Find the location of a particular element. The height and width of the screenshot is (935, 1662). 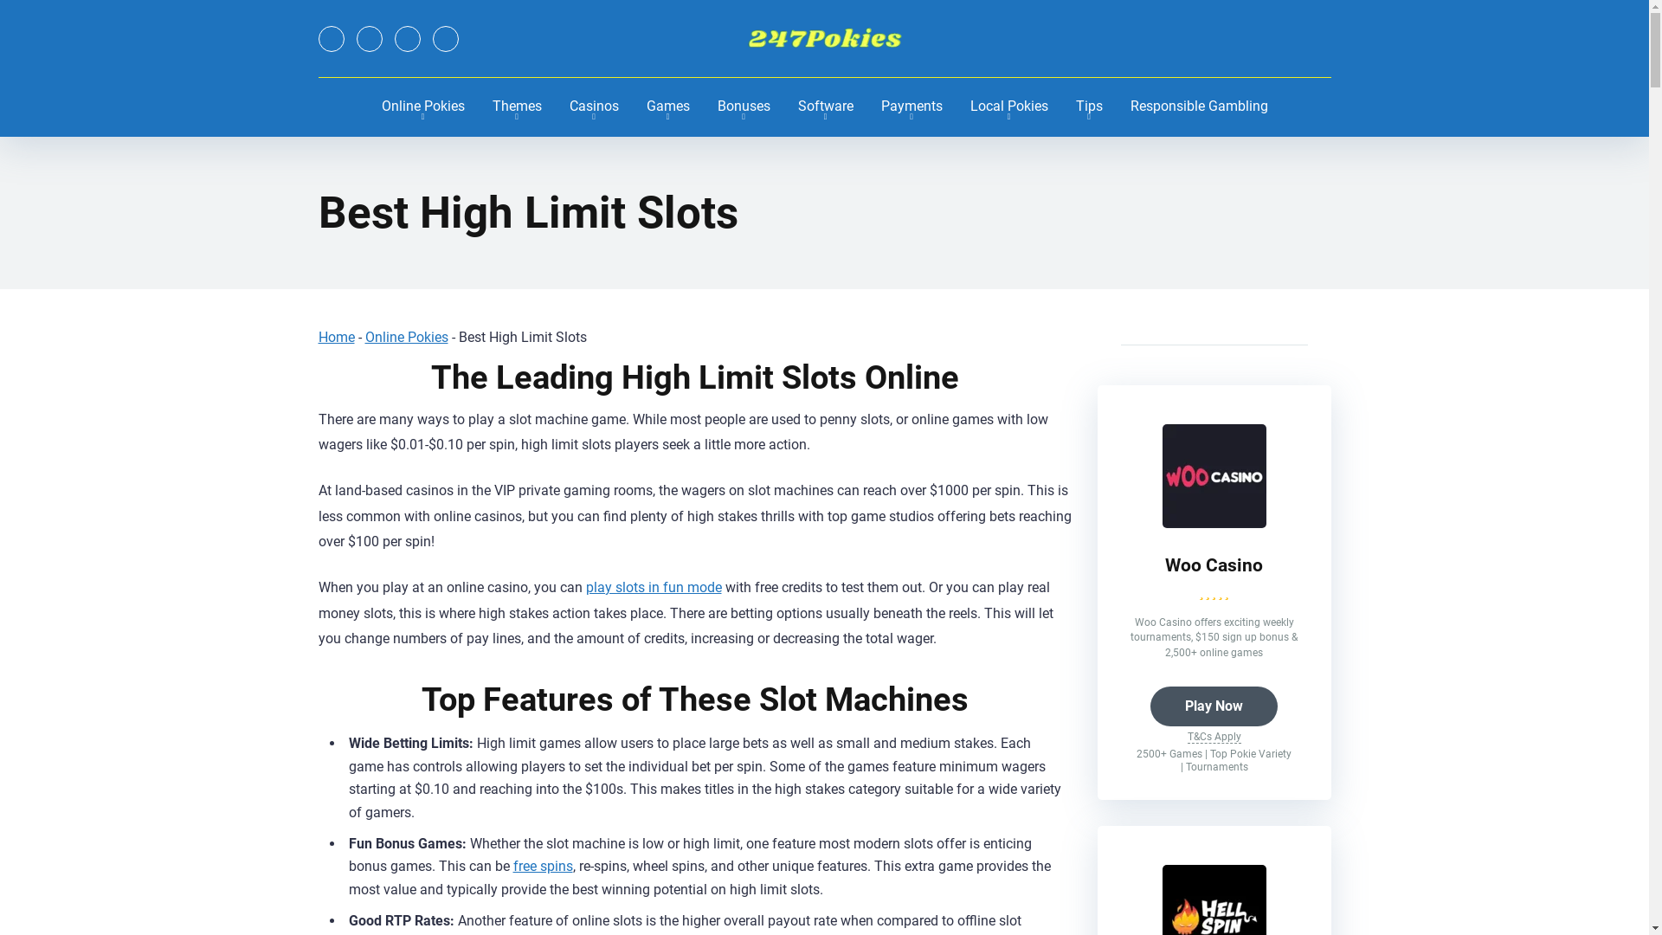

'247Pokies' is located at coordinates (744, 39).